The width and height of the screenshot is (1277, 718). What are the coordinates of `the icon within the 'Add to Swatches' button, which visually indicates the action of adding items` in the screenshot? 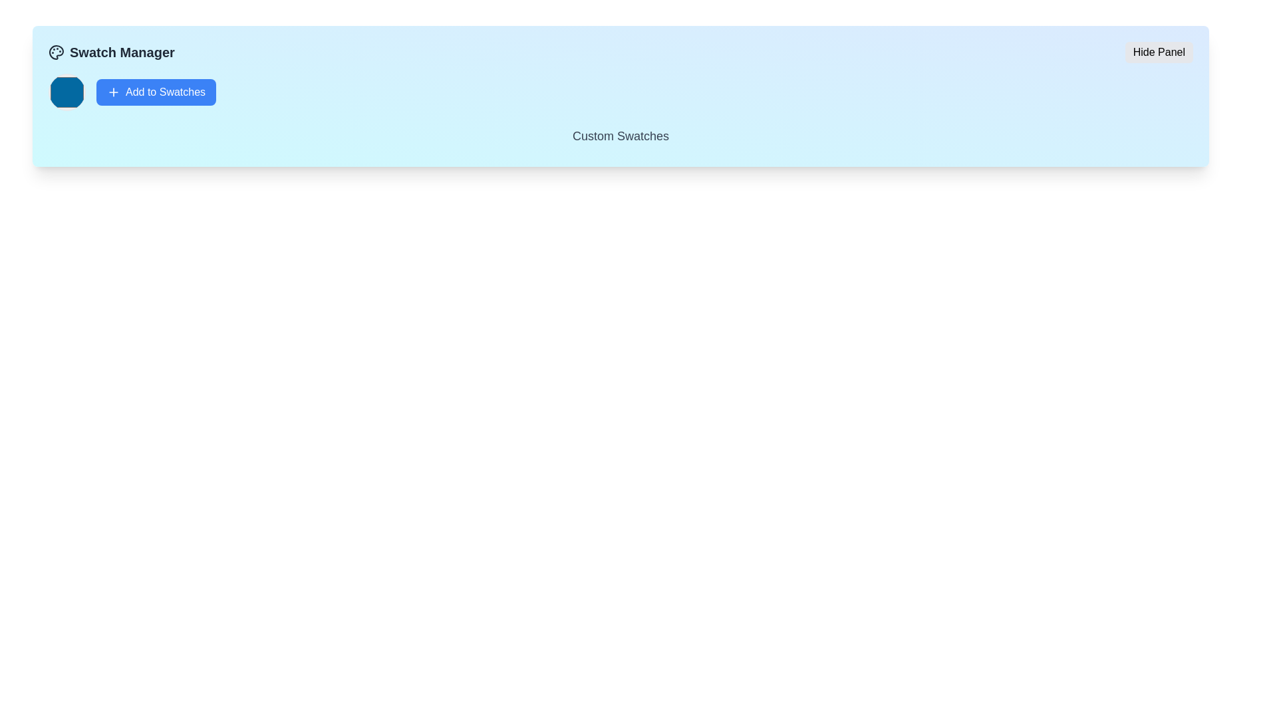 It's located at (114, 91).